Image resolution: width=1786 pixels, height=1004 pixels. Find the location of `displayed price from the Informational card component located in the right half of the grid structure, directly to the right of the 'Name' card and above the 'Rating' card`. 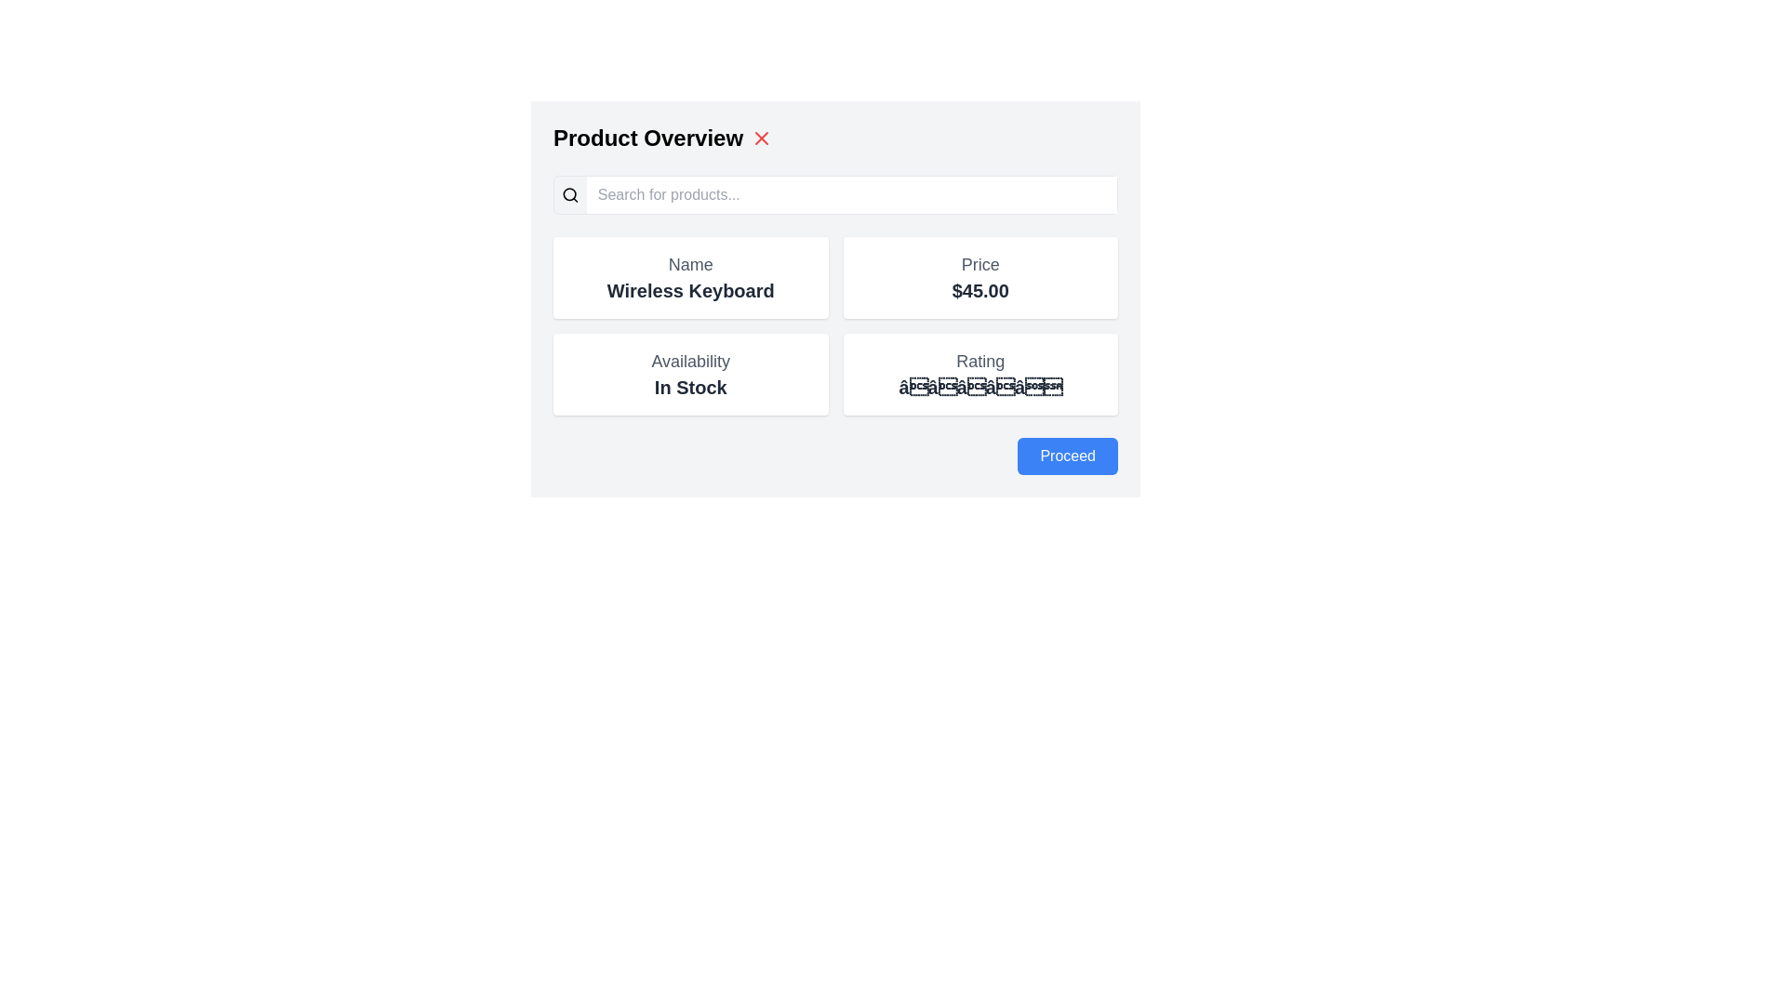

displayed price from the Informational card component located in the right half of the grid structure, directly to the right of the 'Name' card and above the 'Rating' card is located at coordinates (980, 278).